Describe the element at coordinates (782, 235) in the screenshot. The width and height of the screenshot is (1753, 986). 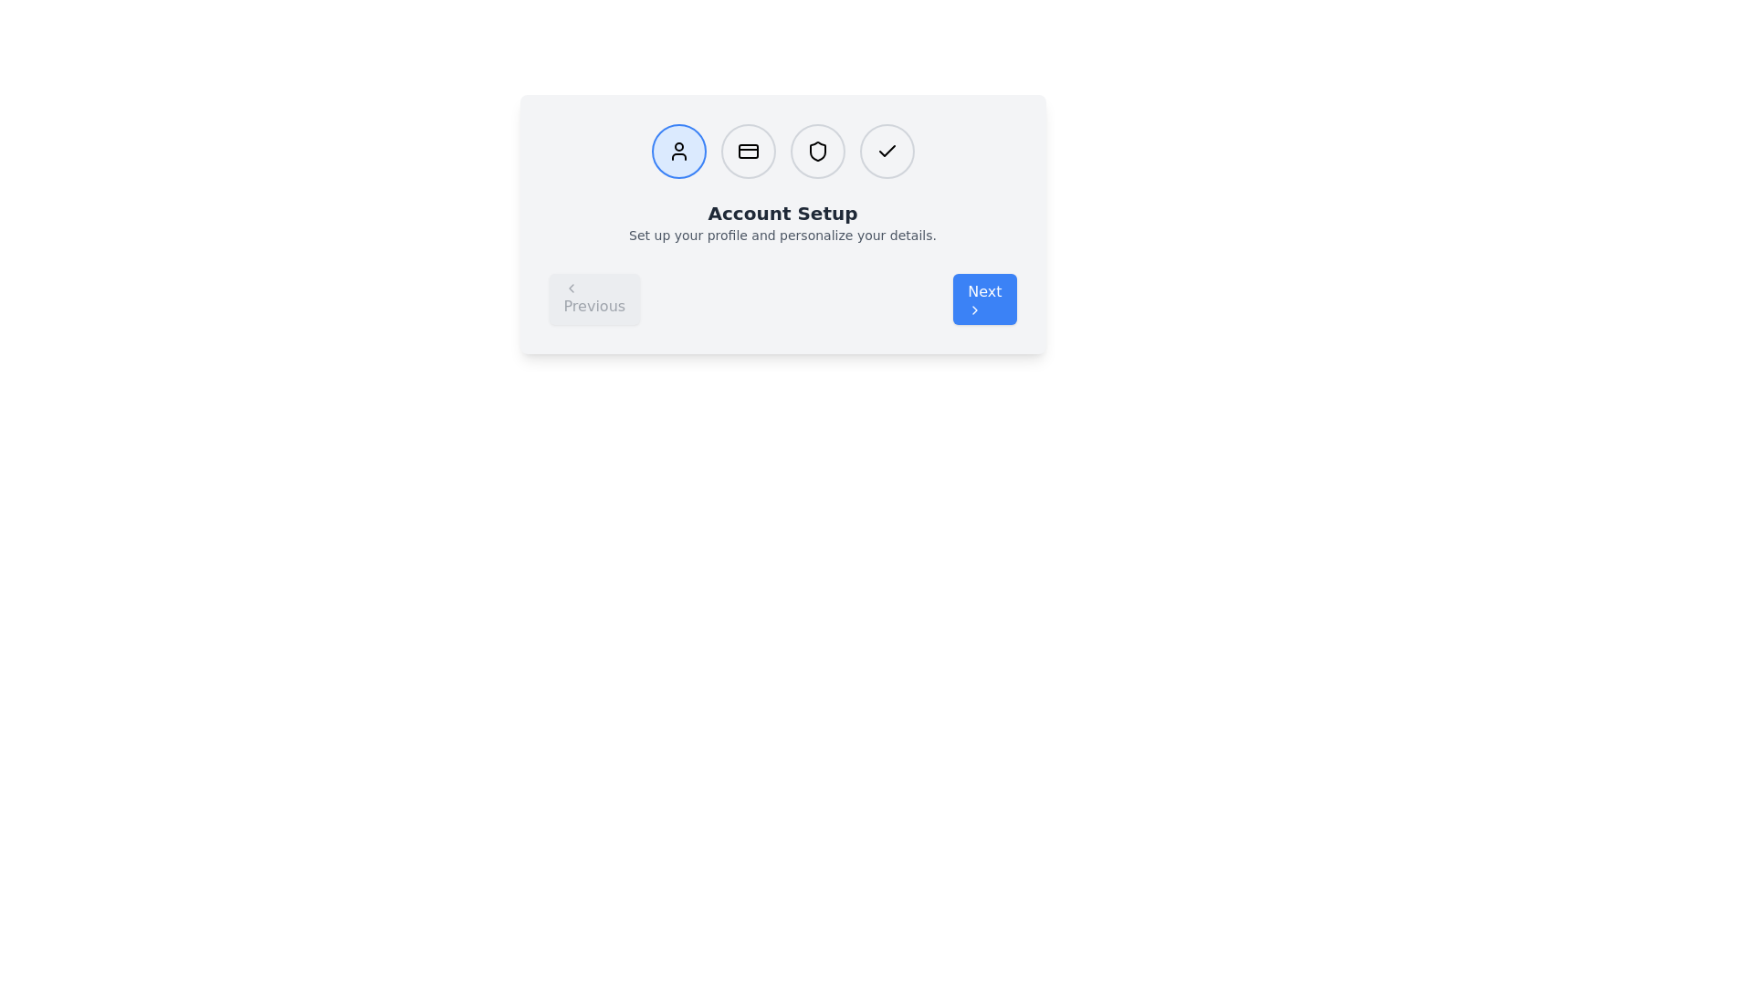
I see `static text element that says 'Set up your profile and personalize your details.' positioned below the 'Account Setup' title` at that location.